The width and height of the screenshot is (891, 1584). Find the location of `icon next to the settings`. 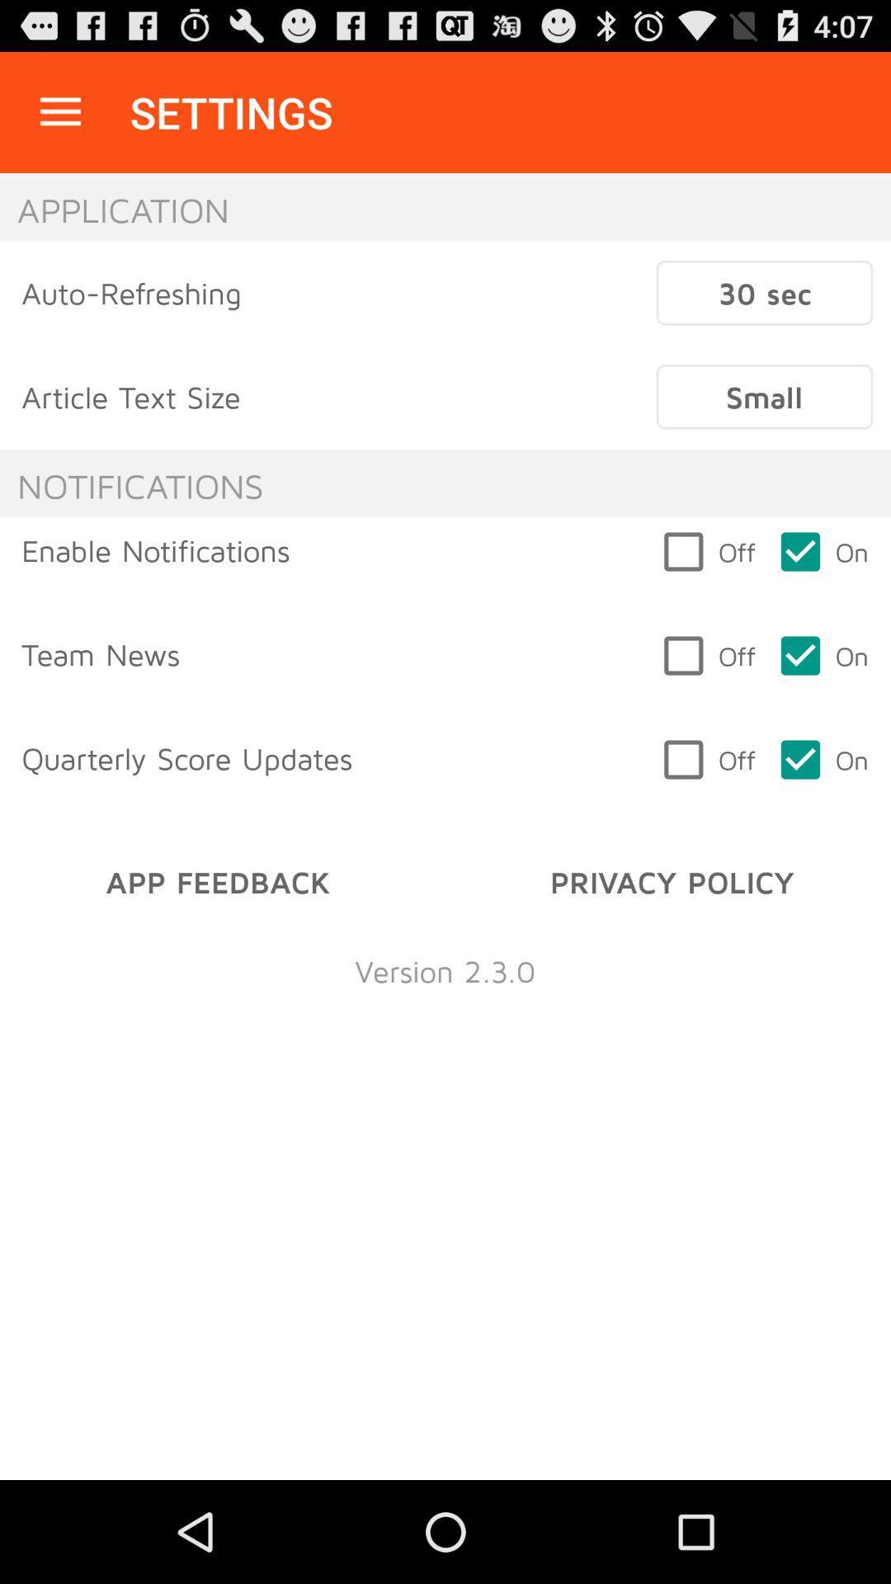

icon next to the settings is located at coordinates (59, 111).